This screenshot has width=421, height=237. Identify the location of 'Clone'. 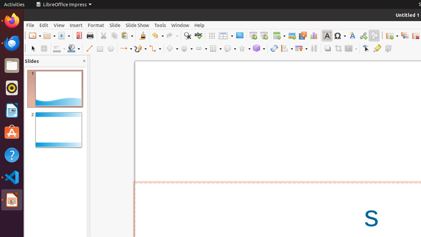
(142, 36).